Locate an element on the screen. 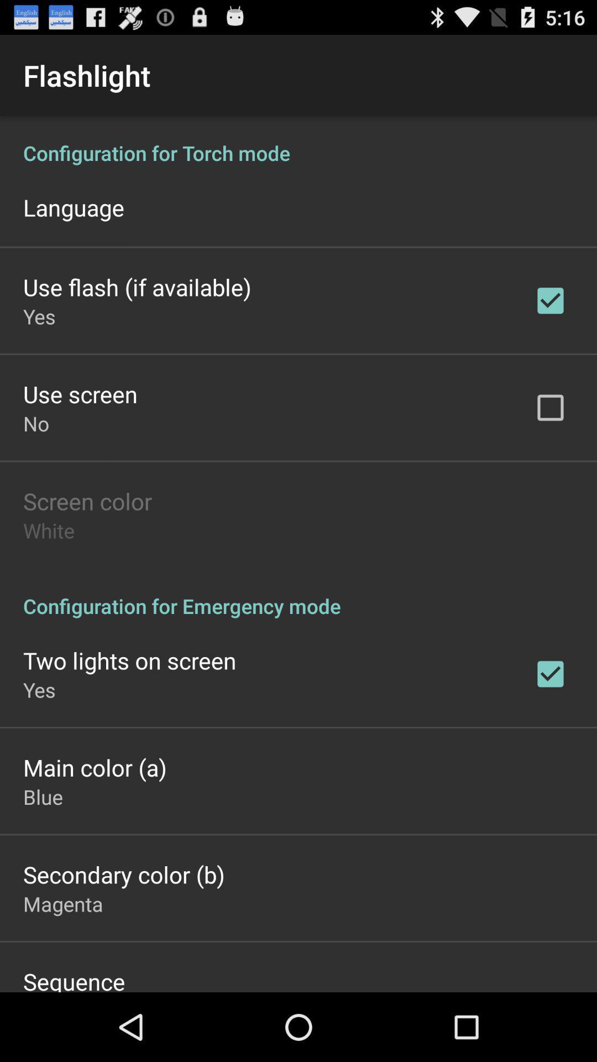  item below blue item is located at coordinates (124, 873).